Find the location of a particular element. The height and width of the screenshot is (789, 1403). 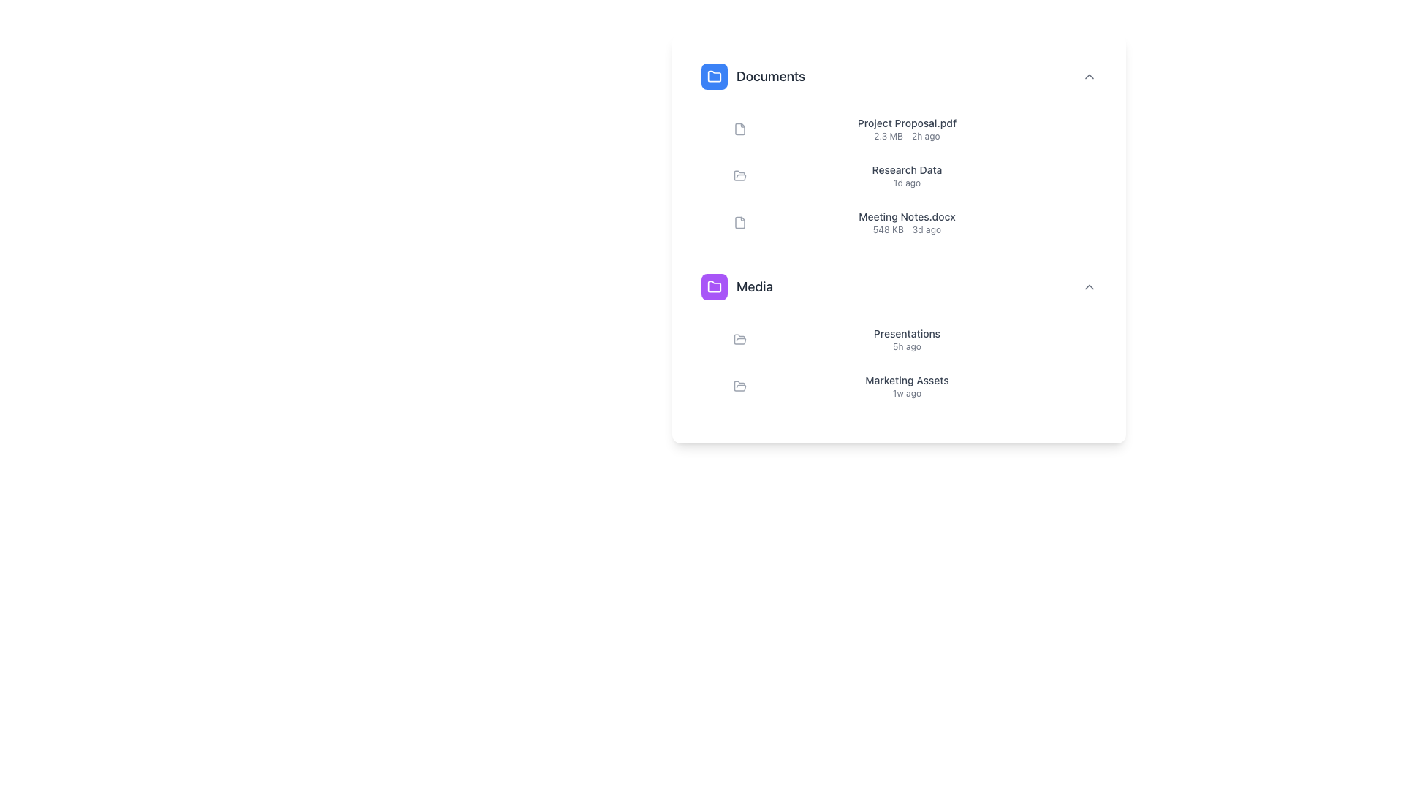

the chevron icon at the far right of the 'Media' section is located at coordinates (1090, 287).